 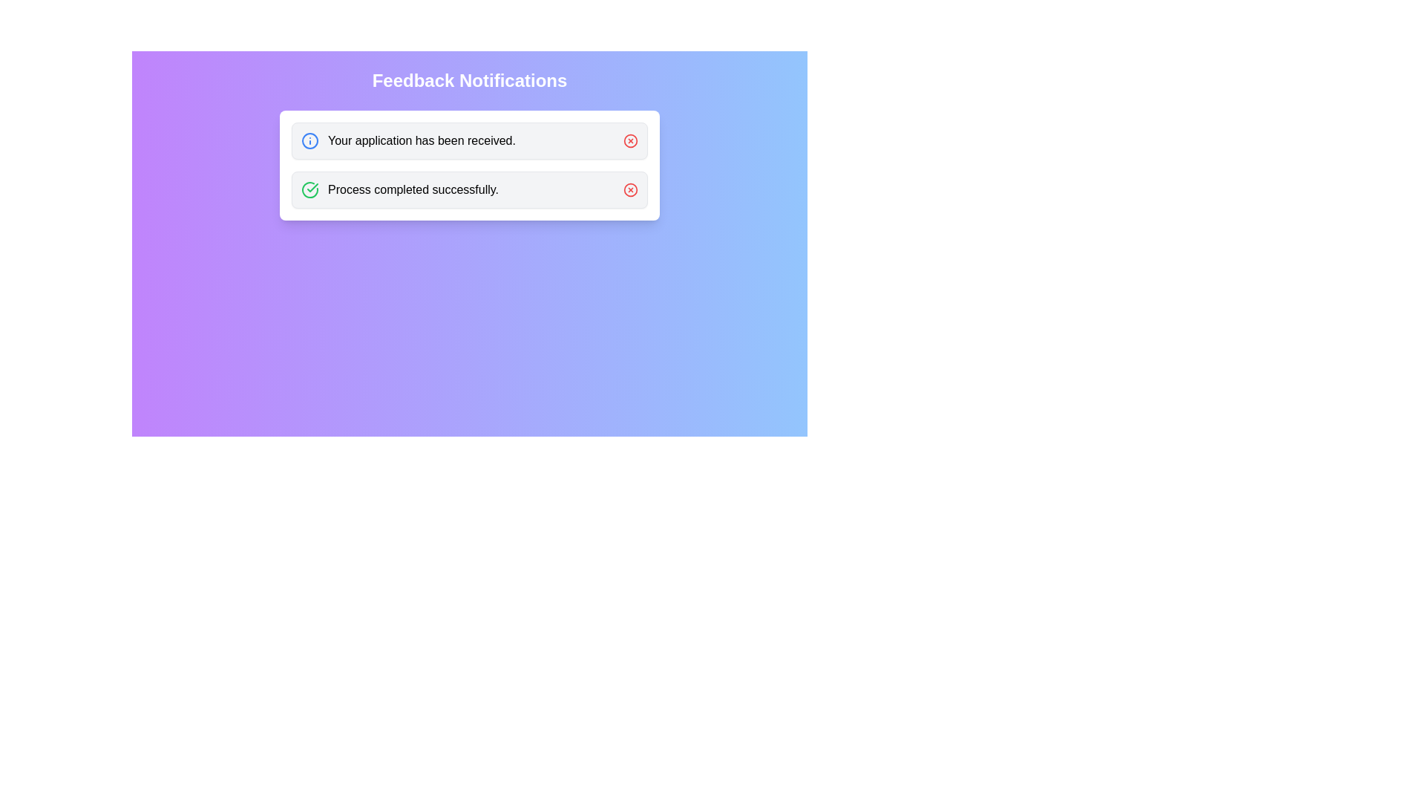 What do you see at coordinates (408, 140) in the screenshot?
I see `notification message that displays 'Your application has been received.' accompanied by a blue circular icon with an 'i'` at bounding box center [408, 140].